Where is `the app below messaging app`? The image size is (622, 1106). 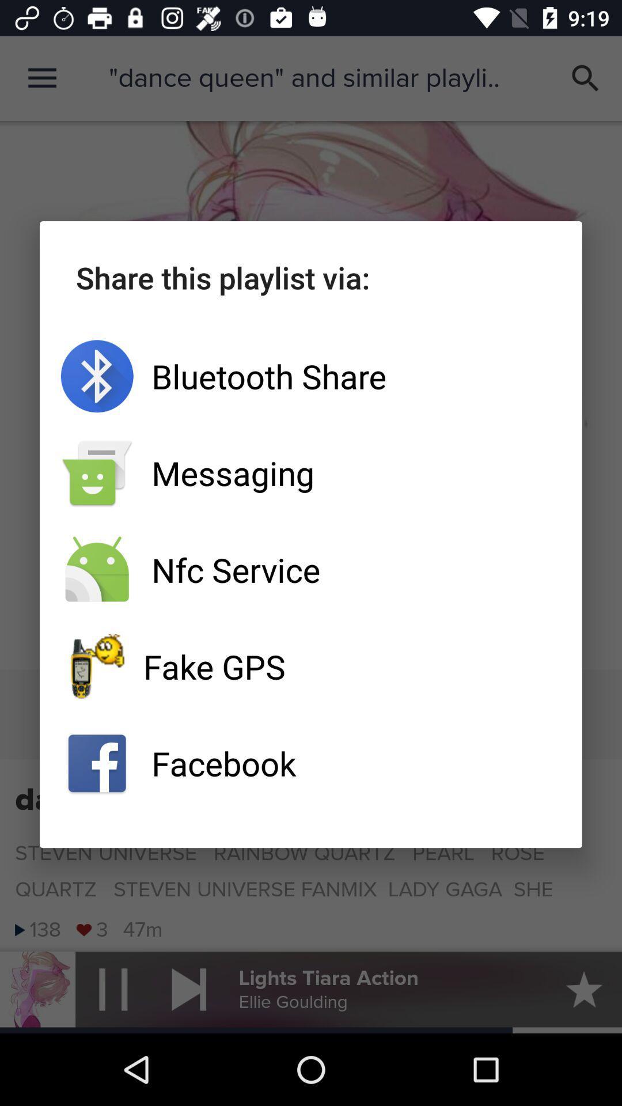
the app below messaging app is located at coordinates (311, 570).